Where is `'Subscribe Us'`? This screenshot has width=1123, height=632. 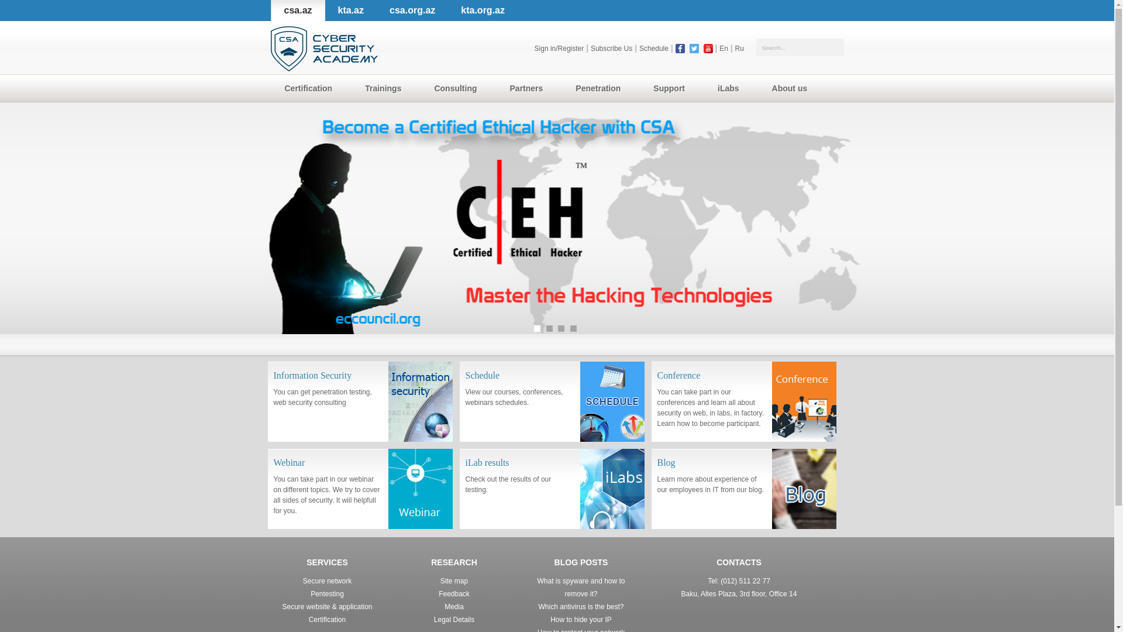
'Subscribe Us' is located at coordinates (611, 48).